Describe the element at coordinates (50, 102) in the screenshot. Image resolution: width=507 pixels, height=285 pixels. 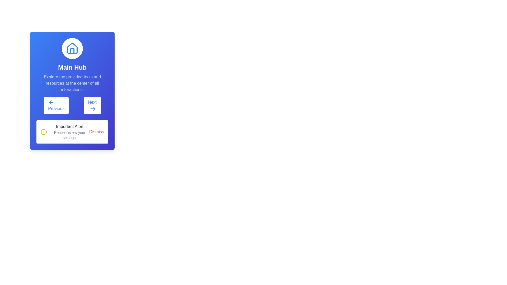
I see `the left-pointing arrow icon within the 'Previous' button` at that location.